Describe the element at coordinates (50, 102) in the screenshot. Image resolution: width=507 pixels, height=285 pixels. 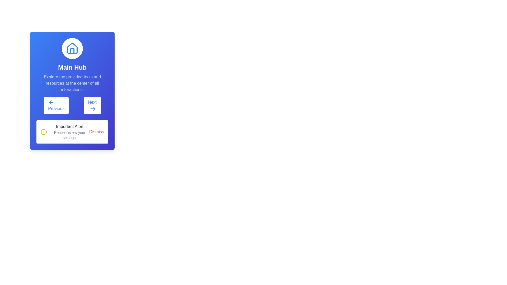
I see `the left-pointing arrow icon within the 'Previous' button` at that location.